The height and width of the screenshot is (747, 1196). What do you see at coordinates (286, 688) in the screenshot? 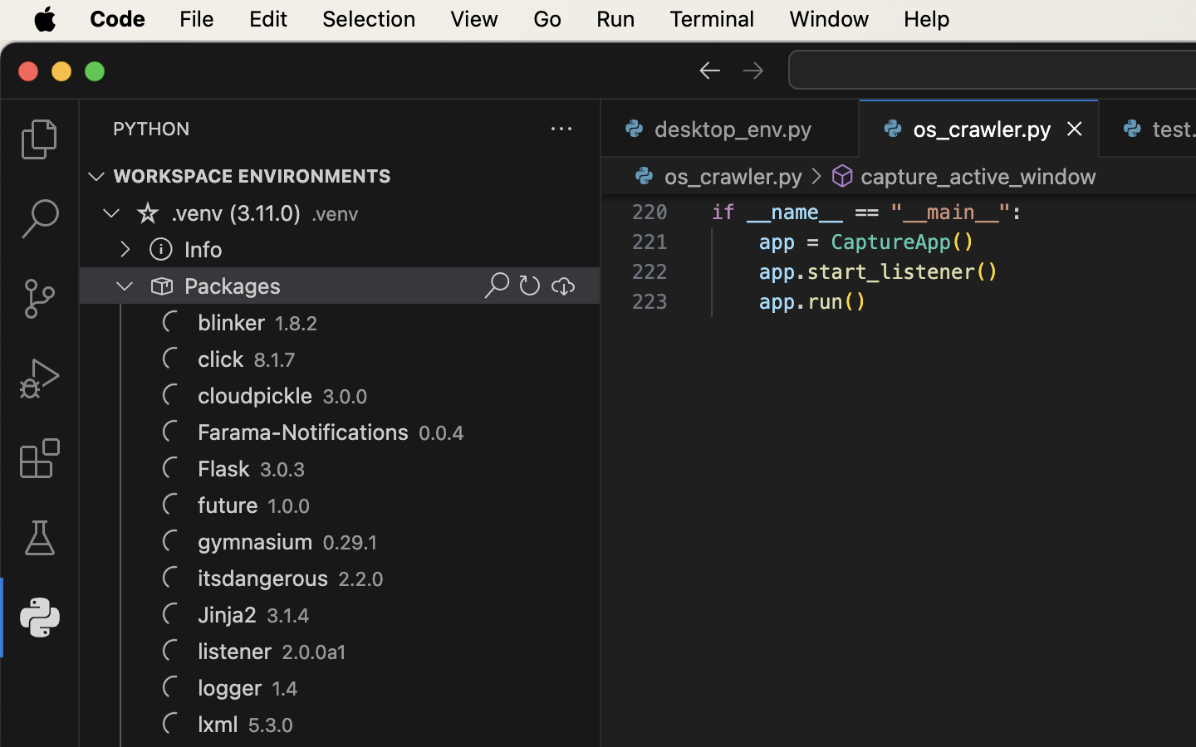
I see `'1.4'` at bounding box center [286, 688].